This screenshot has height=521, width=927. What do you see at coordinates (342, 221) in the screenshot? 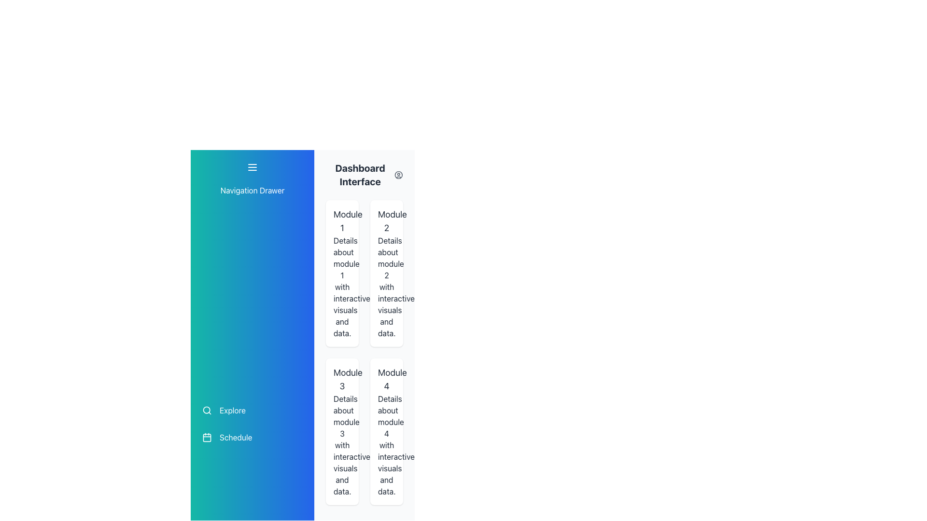
I see `the text label that serves as the title for 'Module 1', positioned at the top-center of the upper-left section of the white card in the grid layout` at bounding box center [342, 221].